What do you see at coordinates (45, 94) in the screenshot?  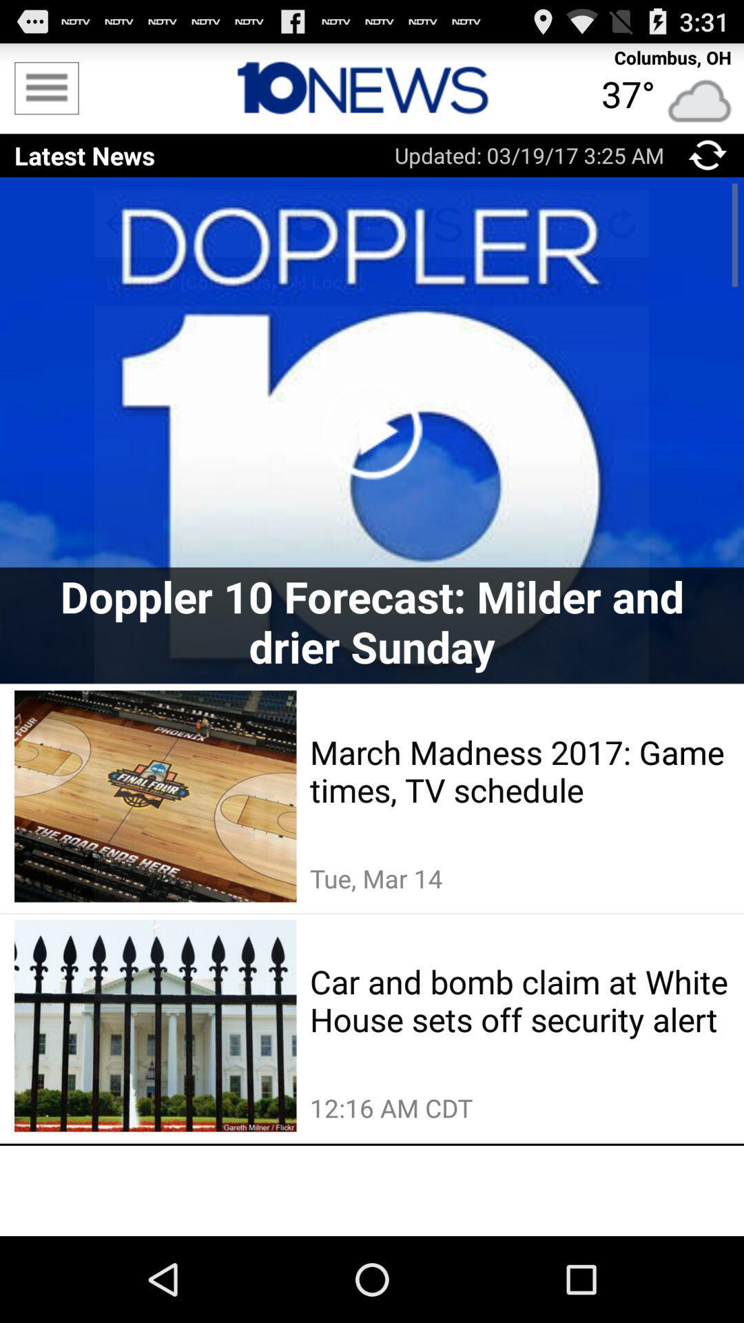 I see `the menu icon` at bounding box center [45, 94].